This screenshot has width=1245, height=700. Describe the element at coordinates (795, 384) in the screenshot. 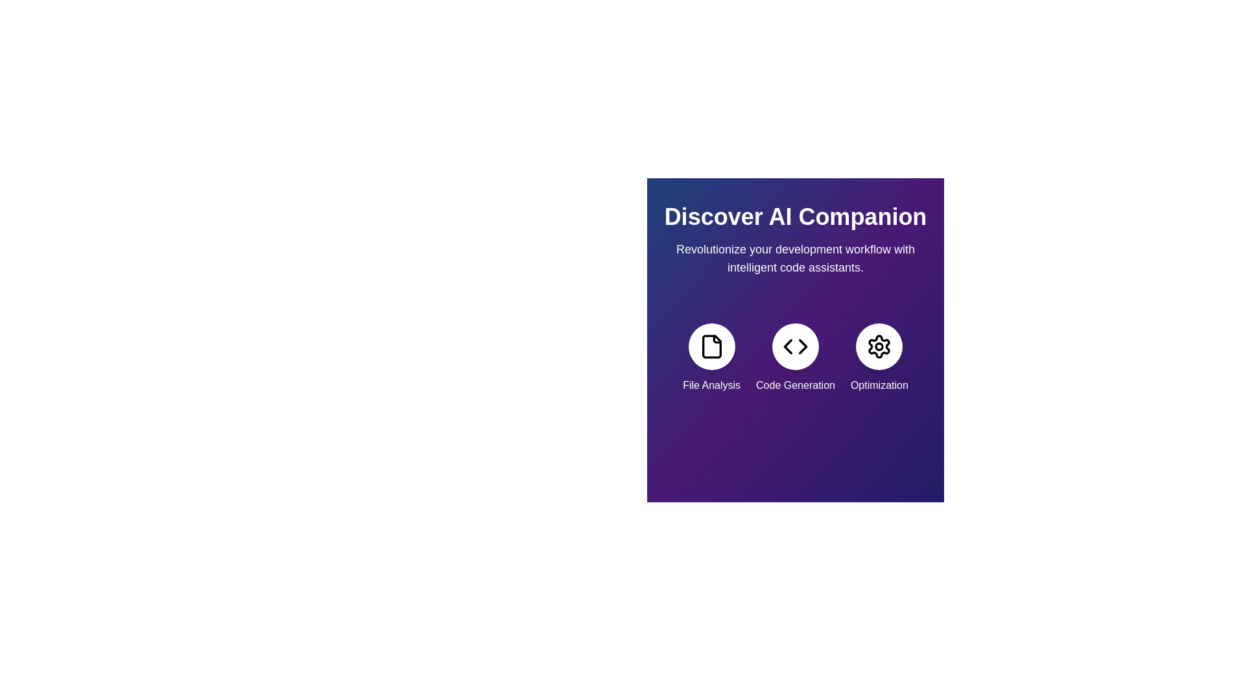

I see `the static text label providing contextual information about the code generation icon, located below the code icon and centered between 'File Analysis' and 'Optimization'` at that location.